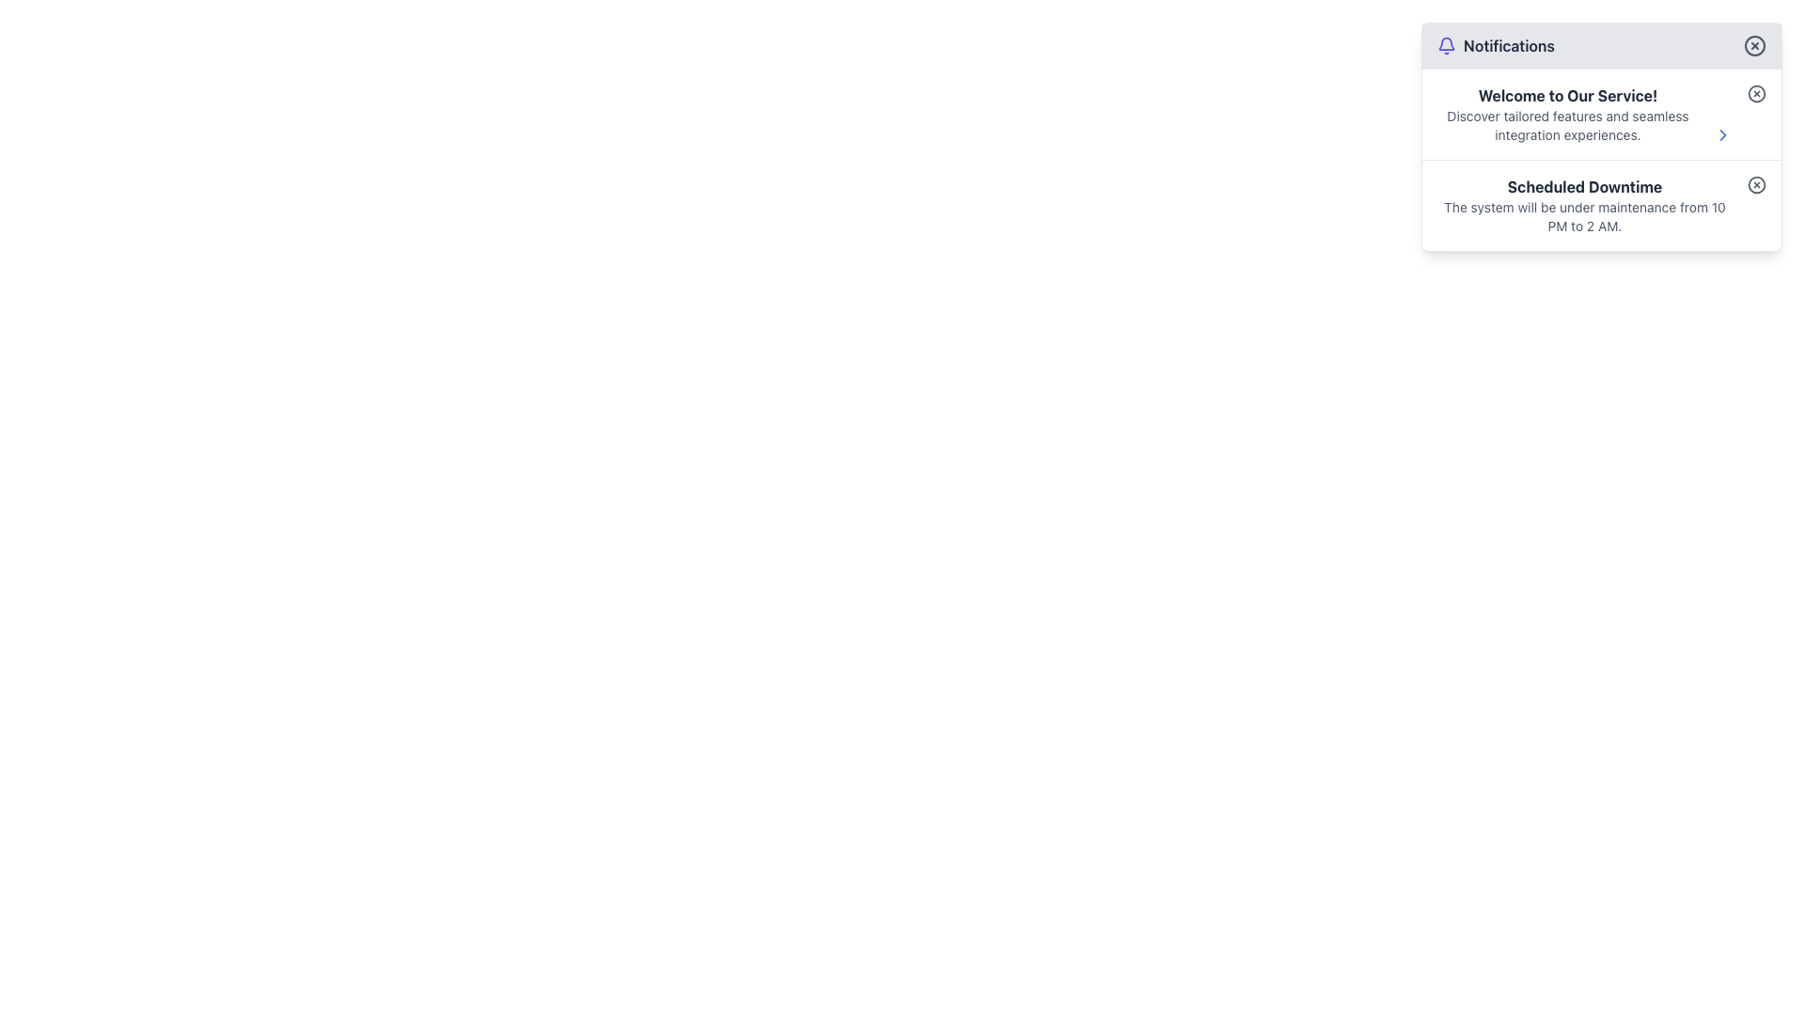  I want to click on the circular graphical element representing a circle with a radius of 10 units, located in the top-right corner of the notification panel adjacent to the 'Scheduled Downtime' message, so click(1755, 184).